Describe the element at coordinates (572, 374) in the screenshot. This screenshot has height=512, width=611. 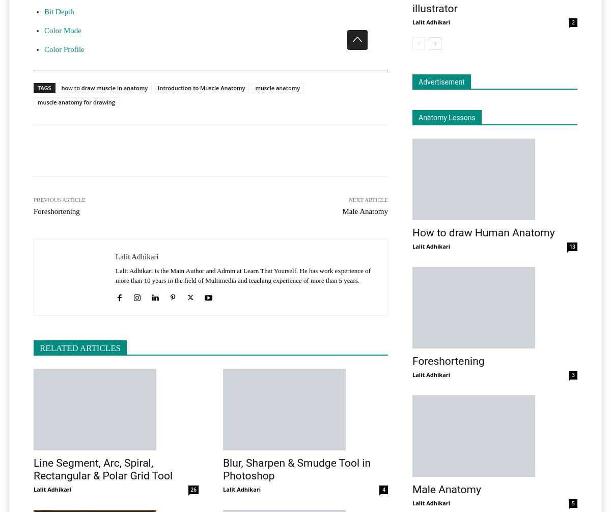
I see `'3'` at that location.